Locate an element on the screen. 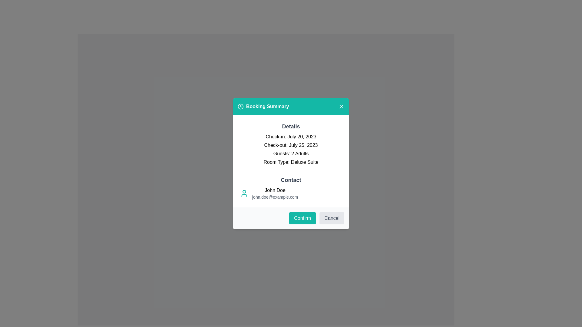 This screenshot has width=582, height=327. the user profile icon with a teal outline located at the far left side of the contact section, preceding the user name 'John Doe' and email address 'john.doe@example.com' is located at coordinates (244, 193).